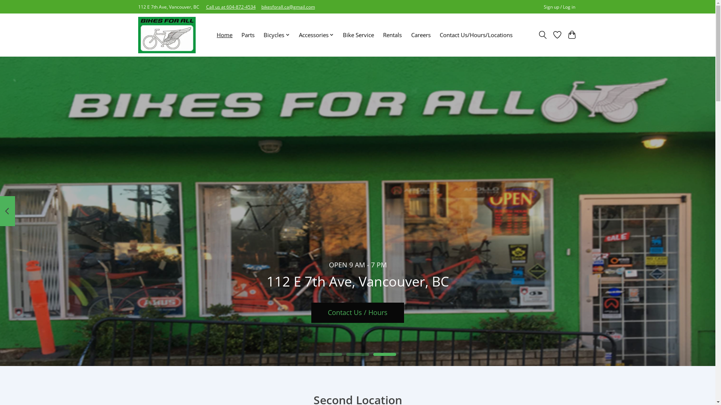  Describe the element at coordinates (288, 7) in the screenshot. I see `'bikesforall.ca@gmail.com'` at that location.